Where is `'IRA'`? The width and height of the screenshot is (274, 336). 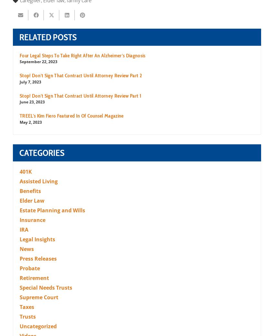 'IRA' is located at coordinates (24, 229).